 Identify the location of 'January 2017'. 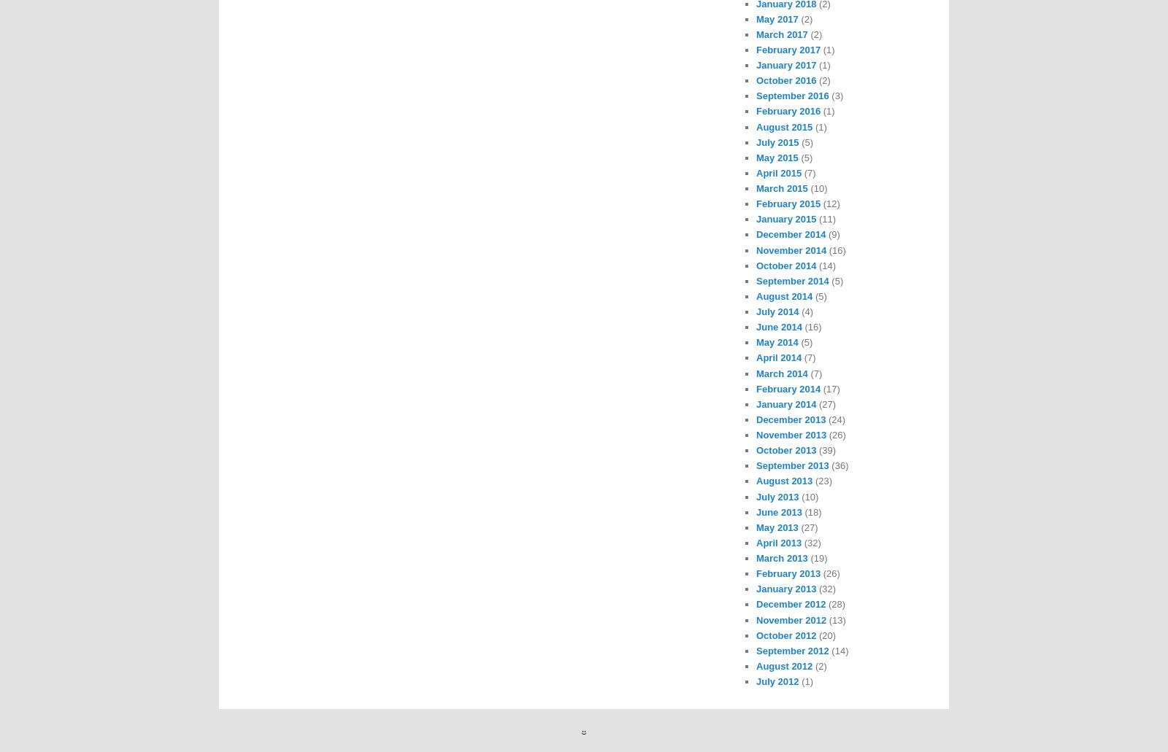
(785, 65).